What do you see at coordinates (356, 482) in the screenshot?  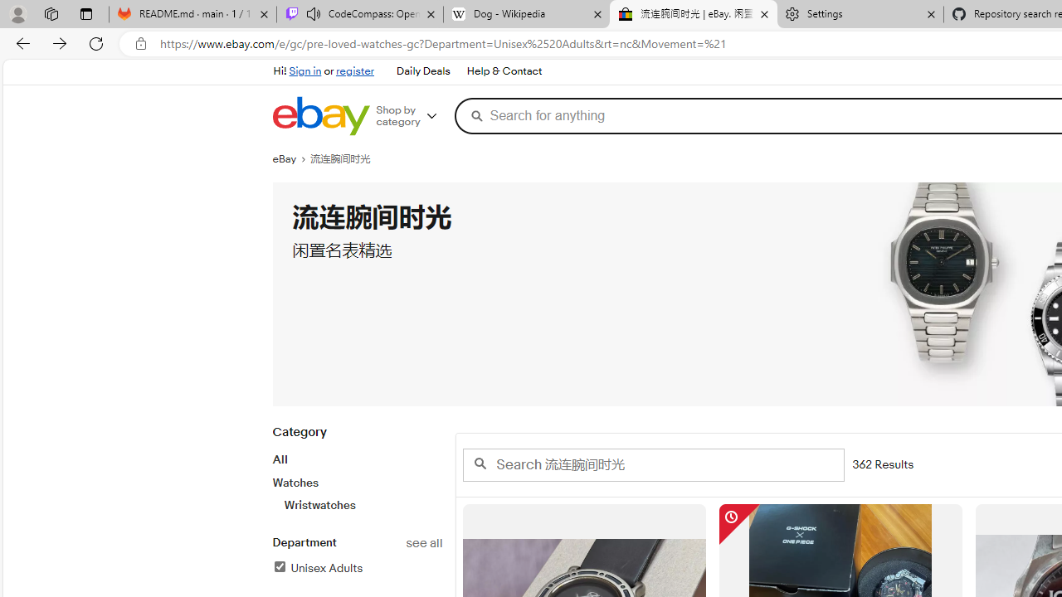 I see `'AllWatchesWristwatches'` at bounding box center [356, 482].